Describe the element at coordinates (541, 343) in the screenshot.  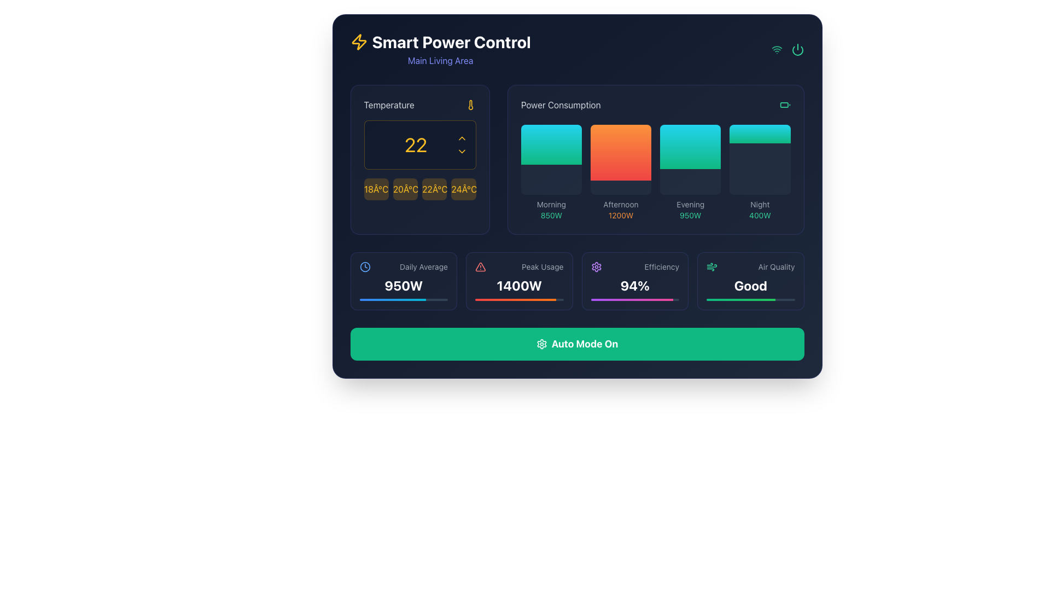
I see `the Settings icon located in the top-right corner of the interface` at that location.